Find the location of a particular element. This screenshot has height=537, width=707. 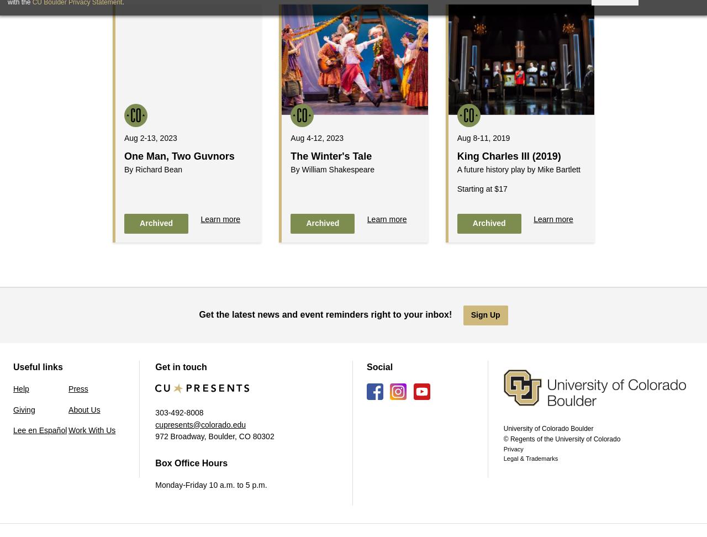

'By William Shakespeare' is located at coordinates (290, 169).